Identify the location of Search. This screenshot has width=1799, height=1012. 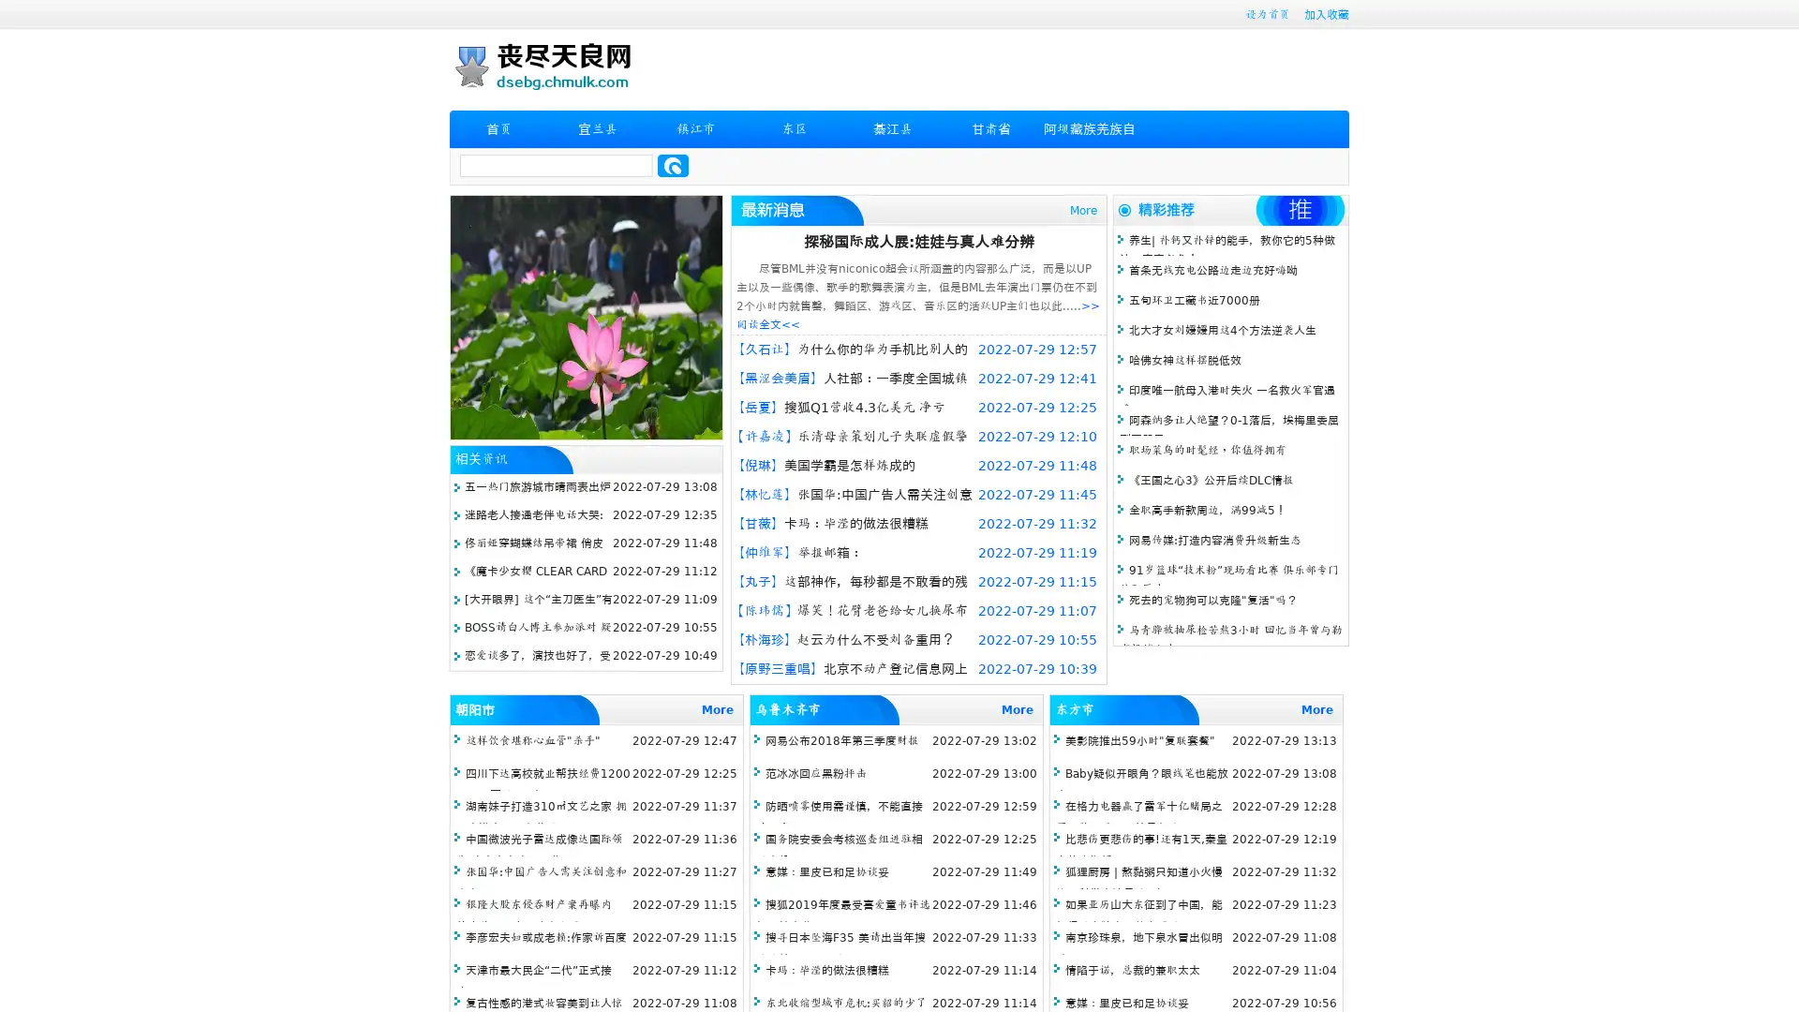
(673, 165).